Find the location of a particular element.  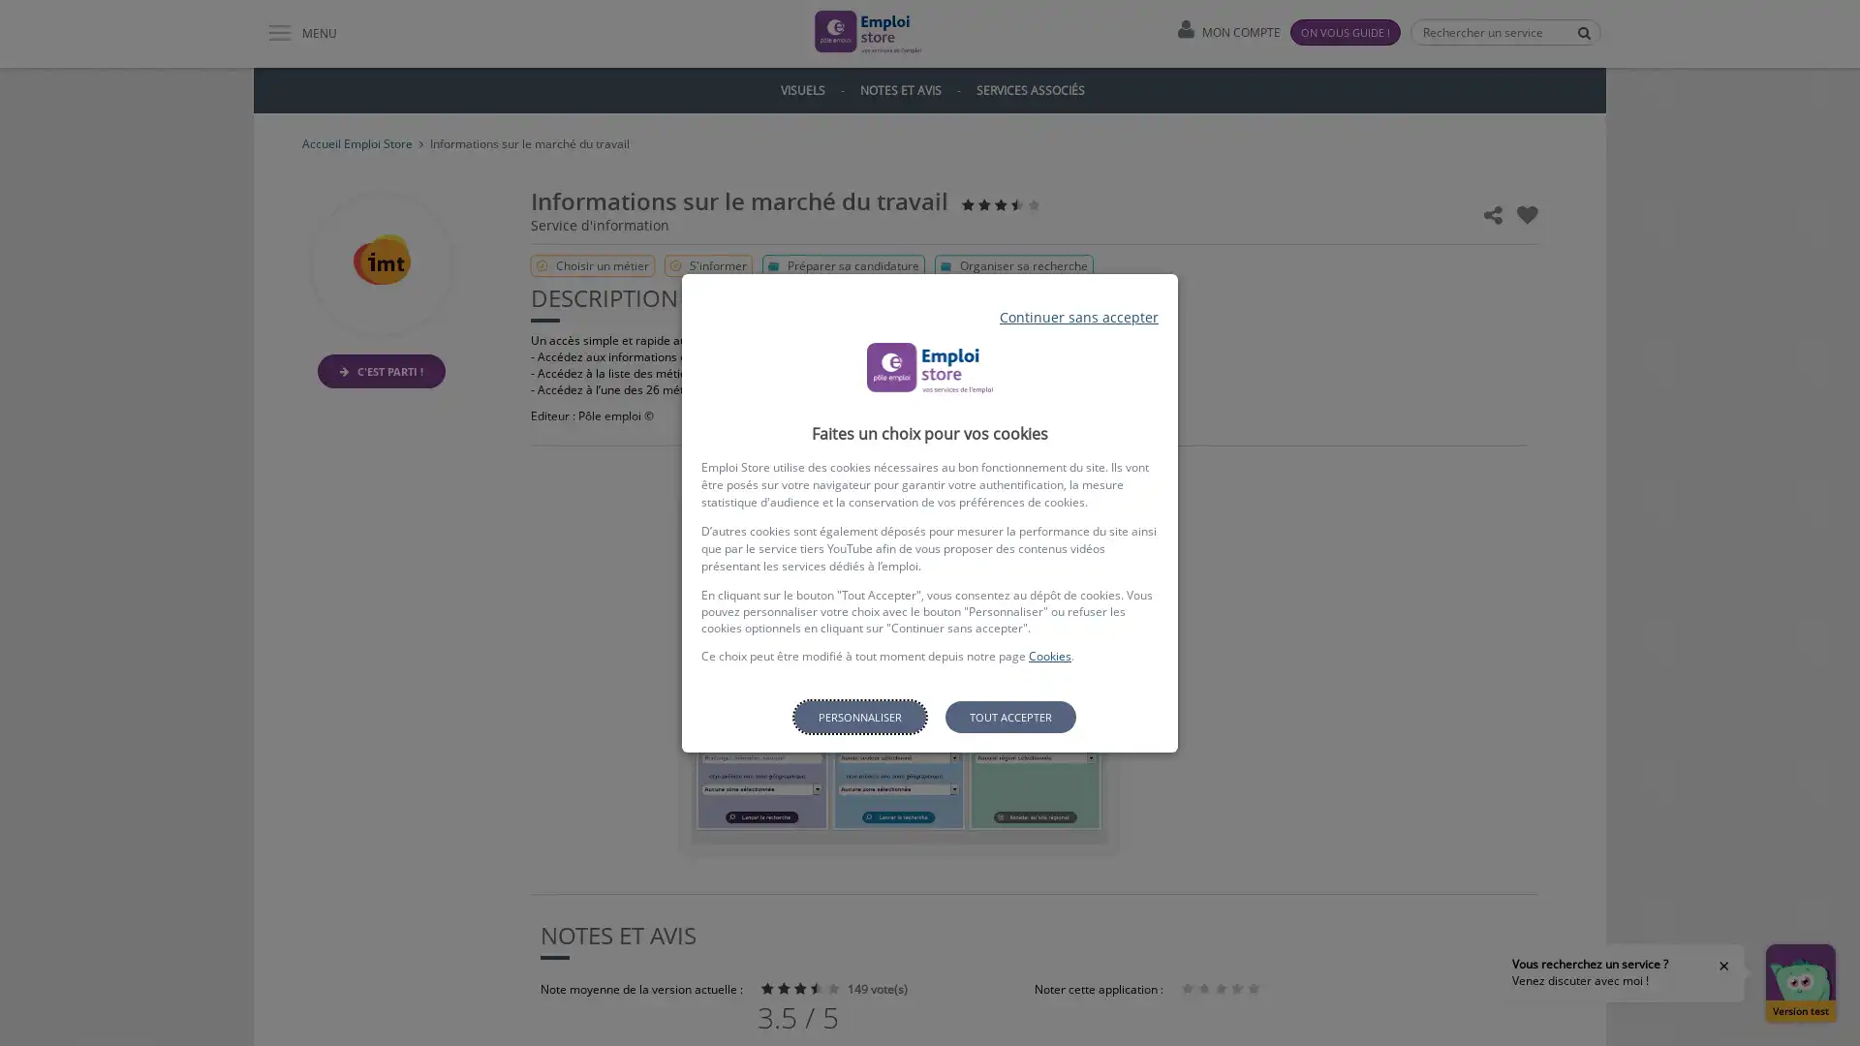

Ouvrir la fenetre de discussion Version test is located at coordinates (1799, 982).